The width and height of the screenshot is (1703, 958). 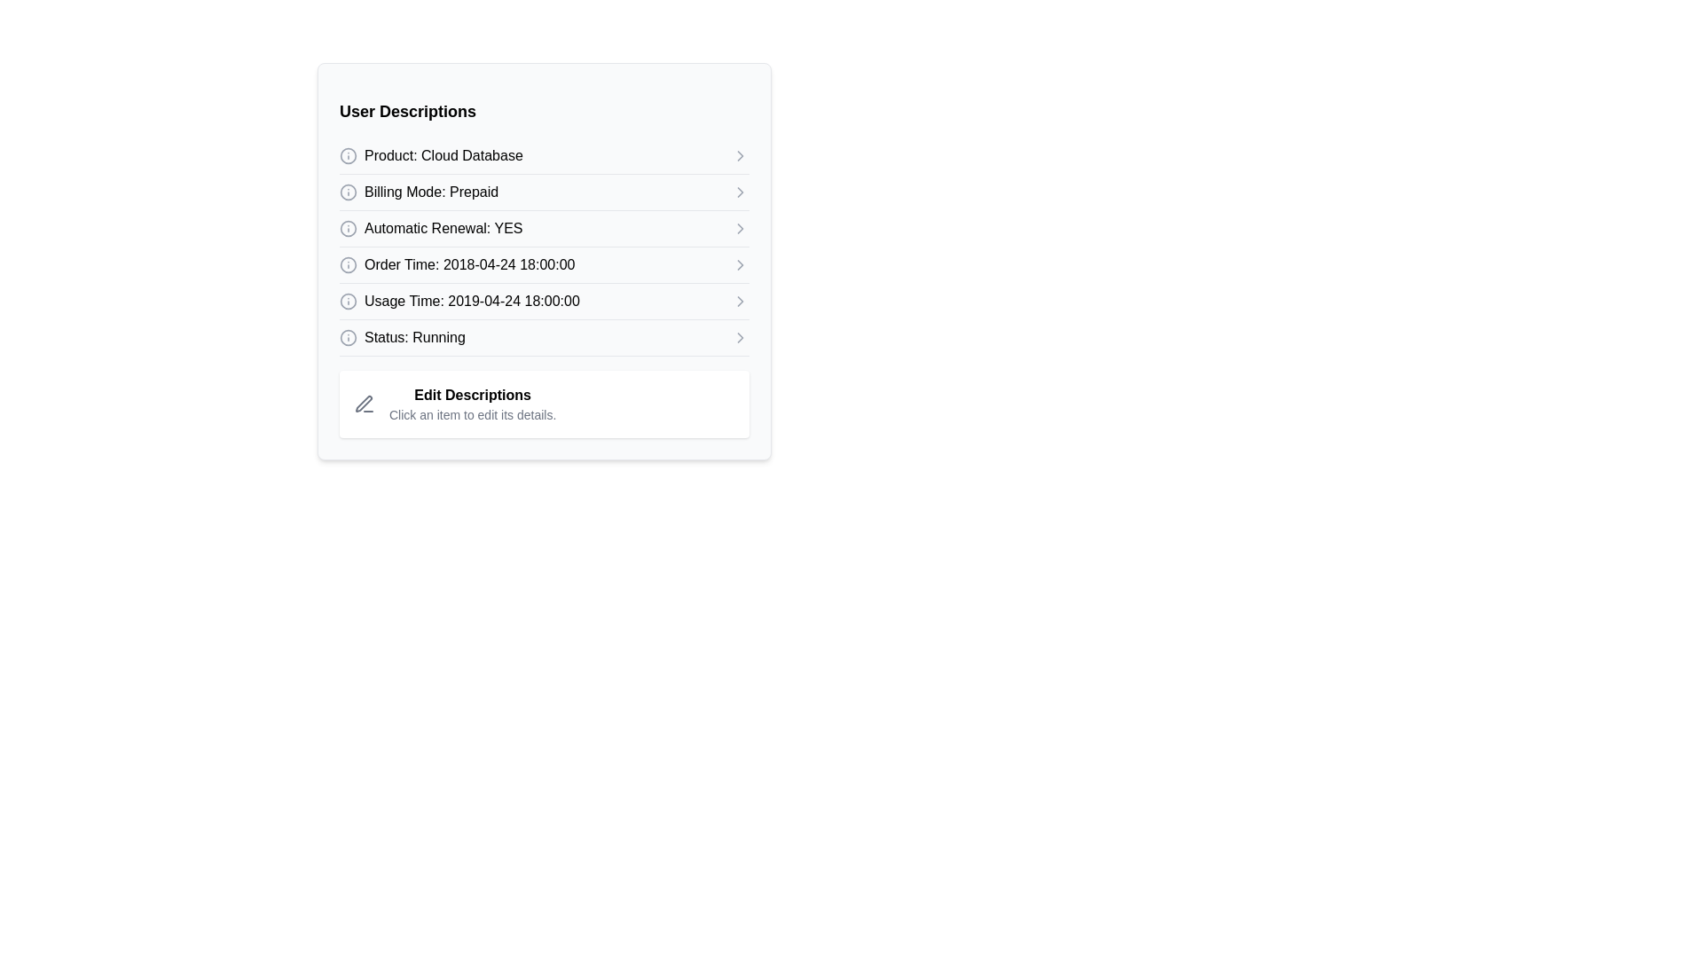 What do you see at coordinates (431, 228) in the screenshot?
I see `the text label indicating that automatic renewal is enabled, which is the third row in the vertical list within the card-like section` at bounding box center [431, 228].